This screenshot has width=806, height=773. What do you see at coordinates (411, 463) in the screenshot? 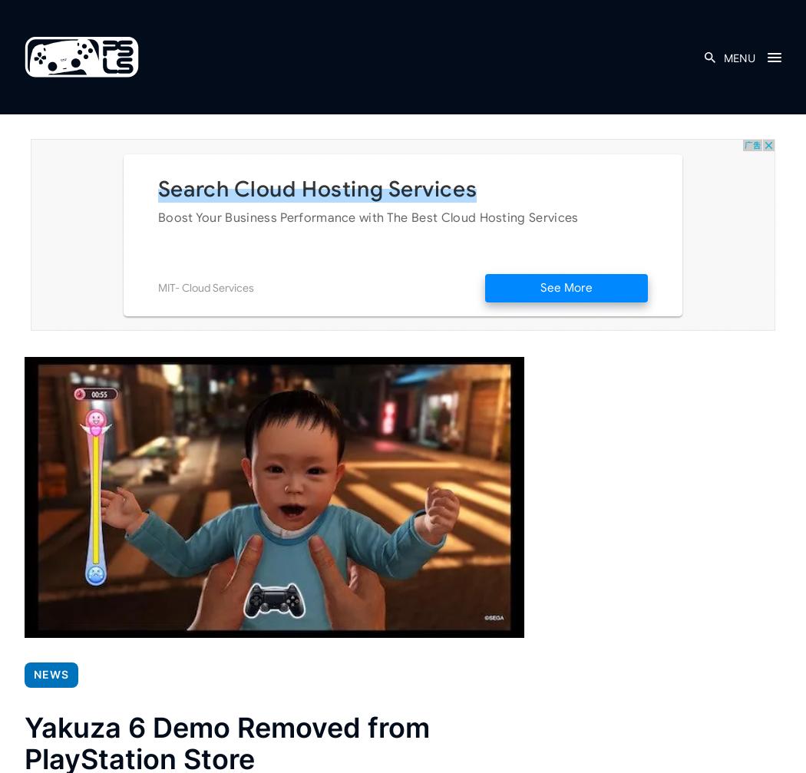
I see `'PS Store Extended Play Sale Begins Today'` at bounding box center [411, 463].